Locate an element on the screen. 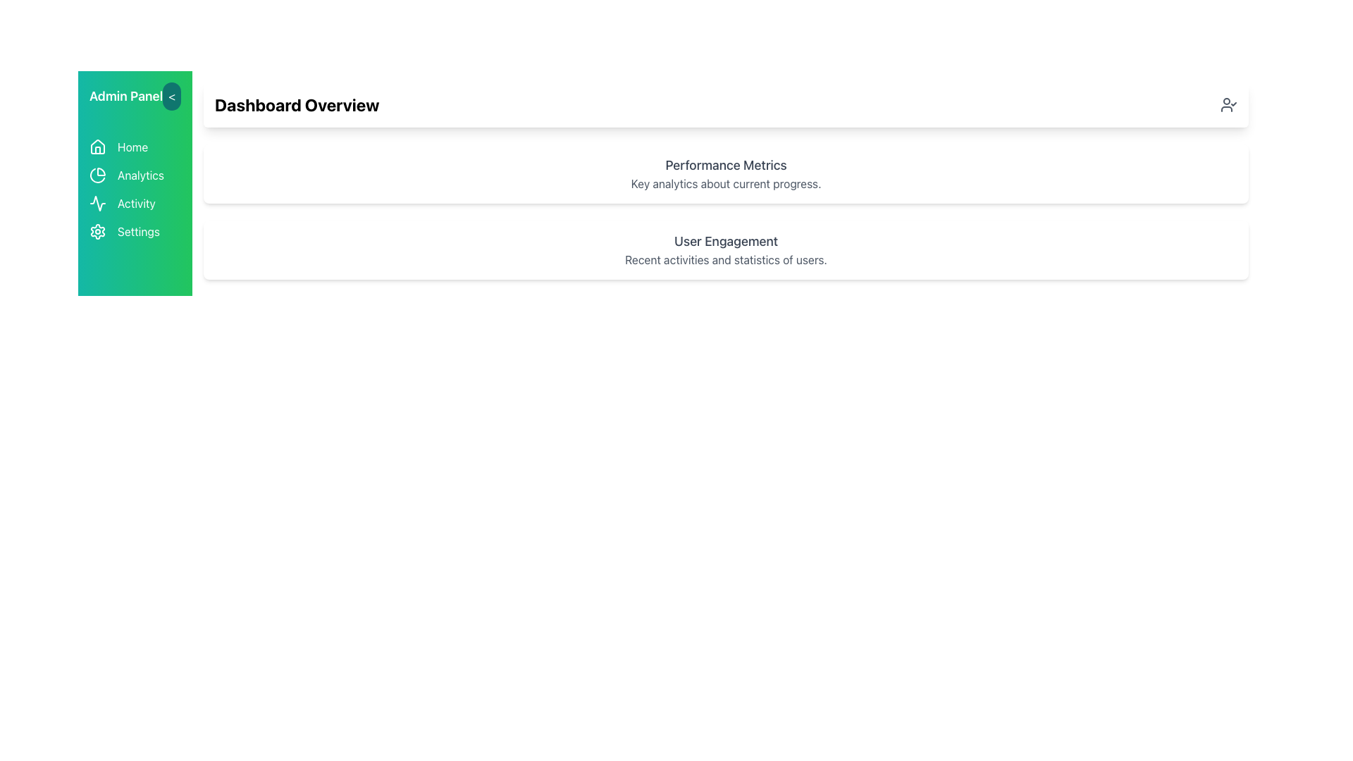 The image size is (1353, 761). the third navigation option in the sidebar, which is located between 'Analytics' and 'Settings' is located at coordinates (135, 189).